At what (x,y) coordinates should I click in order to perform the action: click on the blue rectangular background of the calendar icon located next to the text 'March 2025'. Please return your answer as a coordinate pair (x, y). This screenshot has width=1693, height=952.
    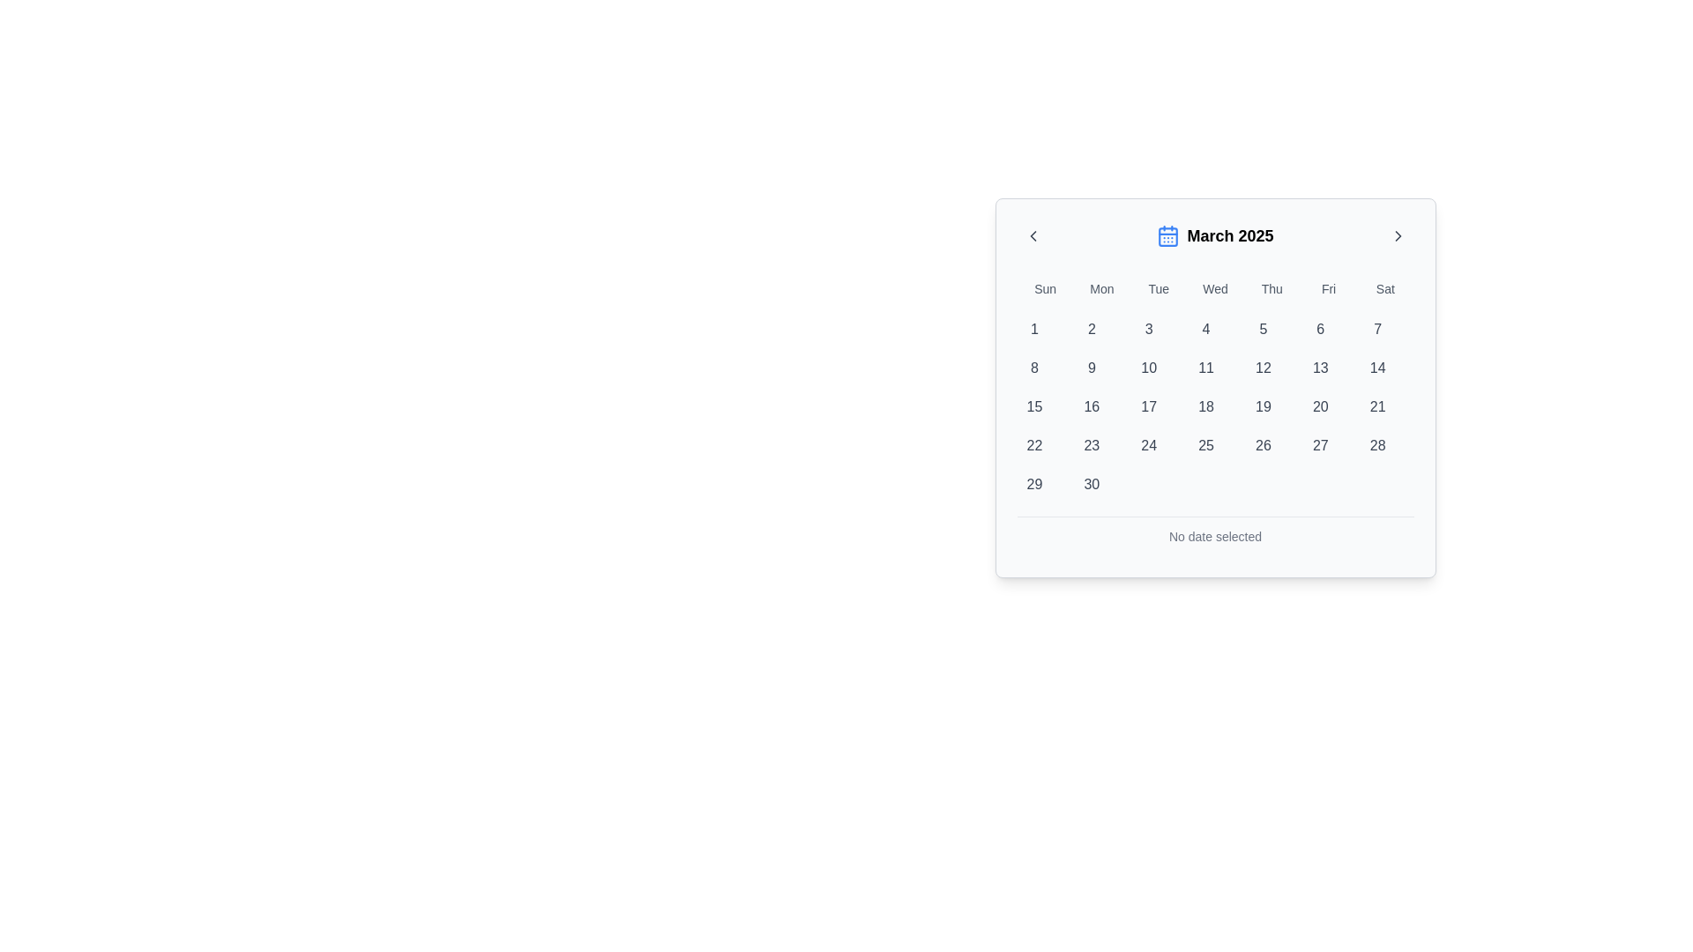
    Looking at the image, I should click on (1168, 236).